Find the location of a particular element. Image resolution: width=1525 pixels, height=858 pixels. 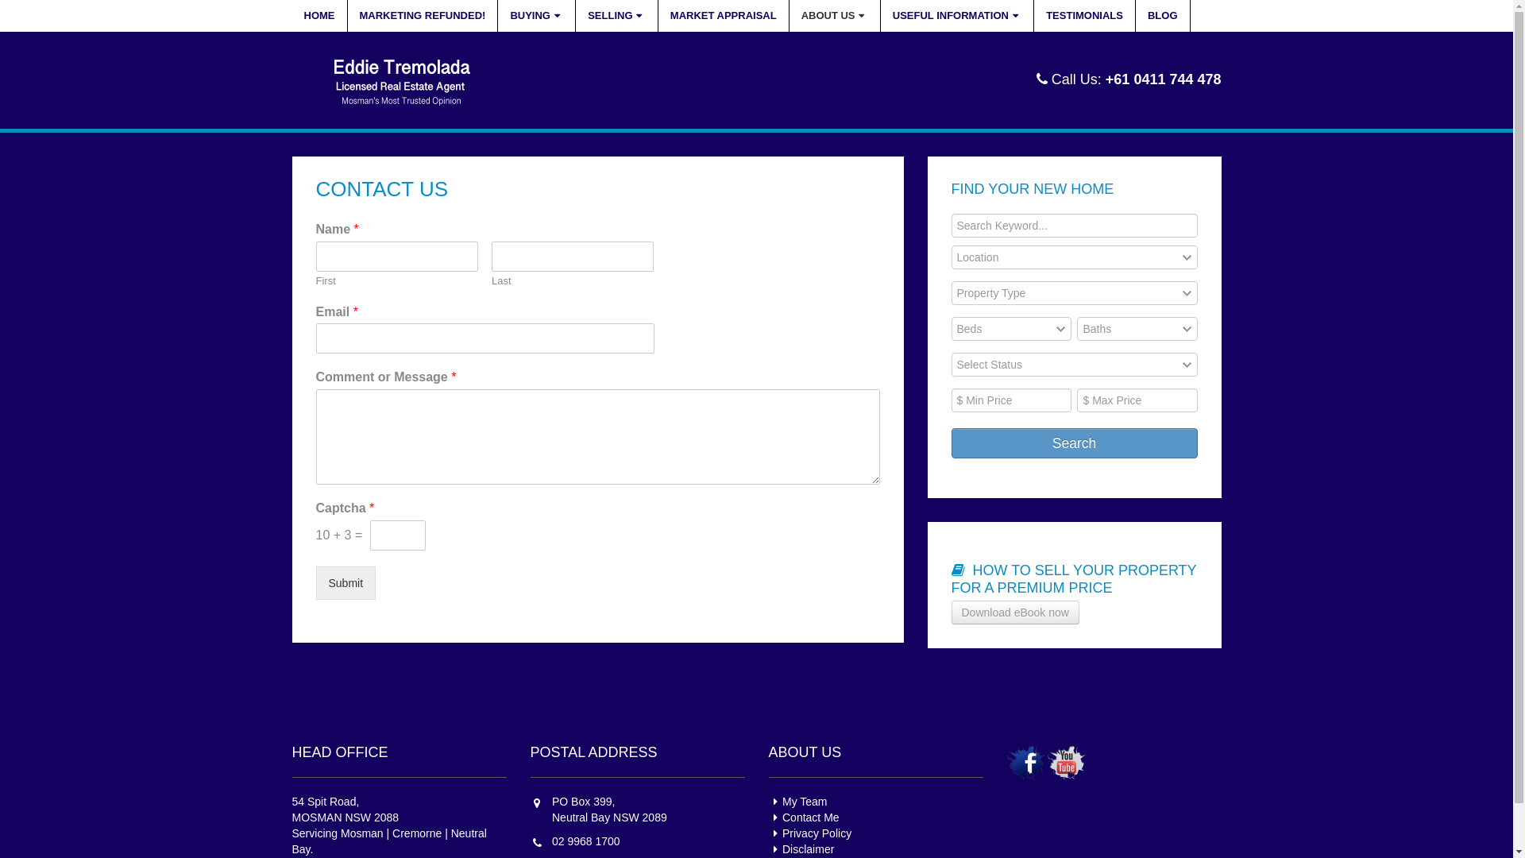

'Privacy Policy' is located at coordinates (810, 833).